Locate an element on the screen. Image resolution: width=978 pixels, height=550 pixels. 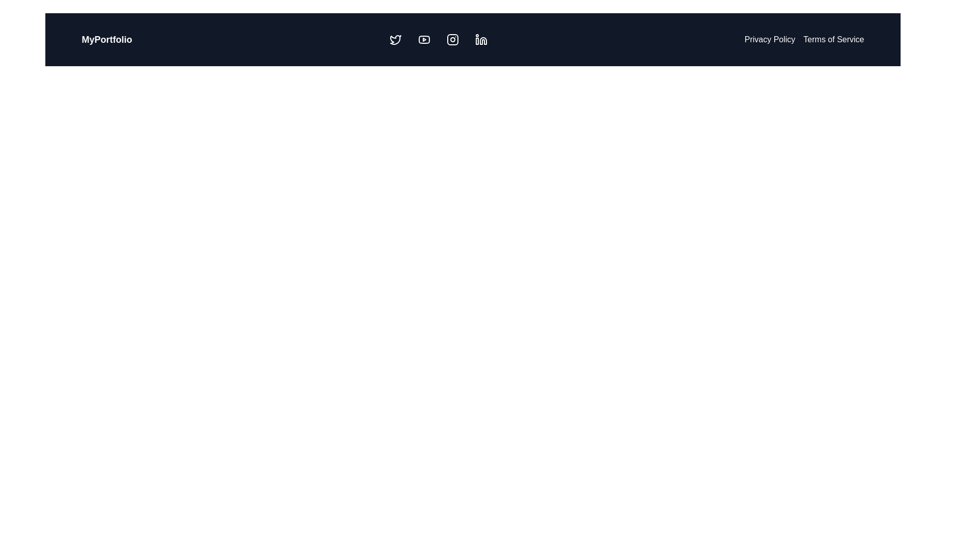
the Twitter icon located in the header navigation bar, which is positioned to the right of the logo and the text 'MyPortfolio' is located at coordinates (395, 39).